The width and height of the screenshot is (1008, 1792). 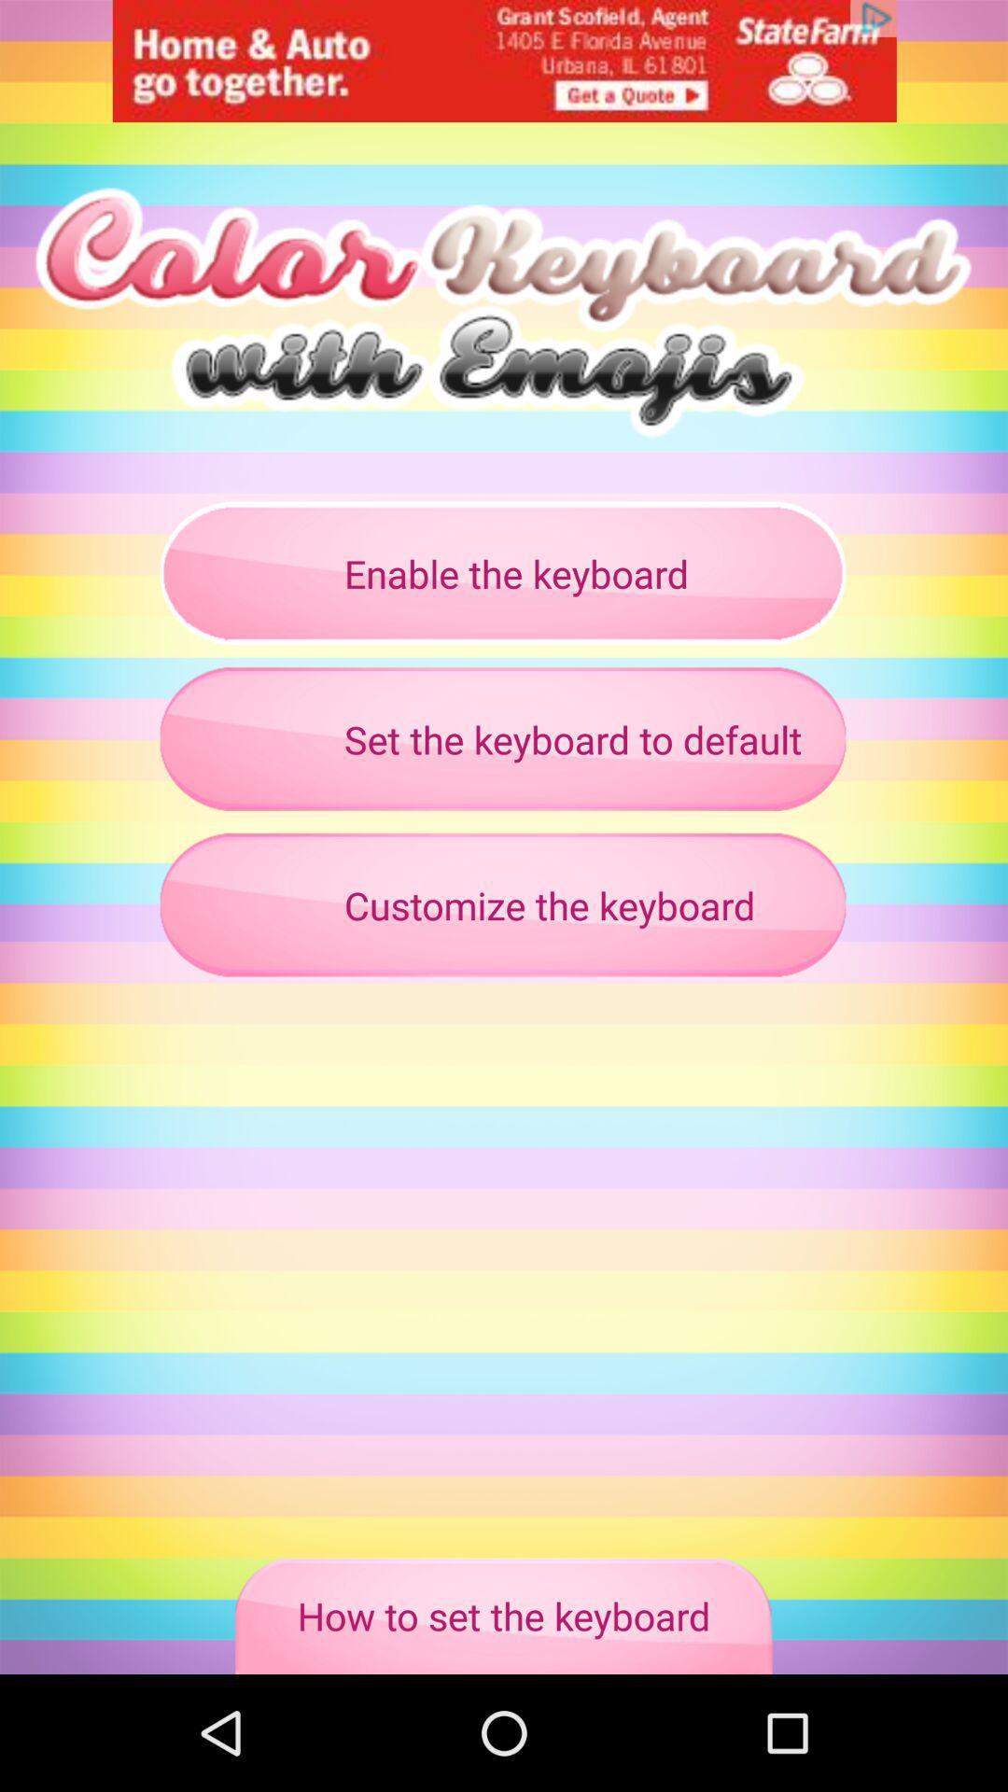 I want to click on banner, so click(x=504, y=61).